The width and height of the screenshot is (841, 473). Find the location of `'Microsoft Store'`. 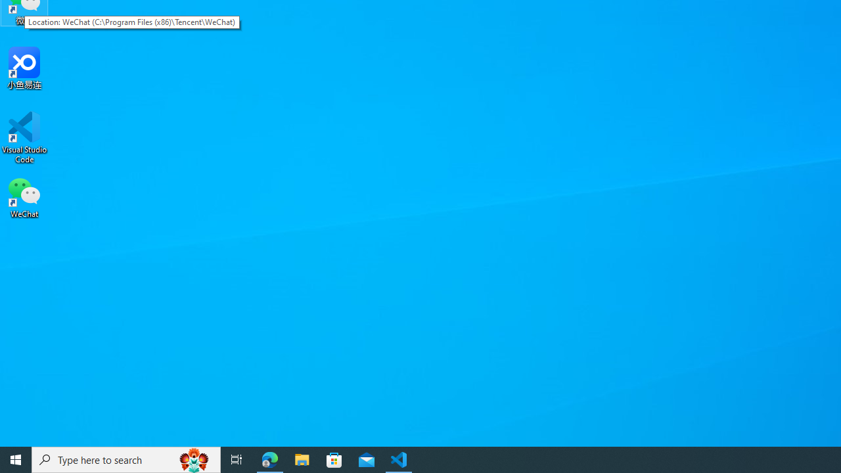

'Microsoft Store' is located at coordinates (334, 459).